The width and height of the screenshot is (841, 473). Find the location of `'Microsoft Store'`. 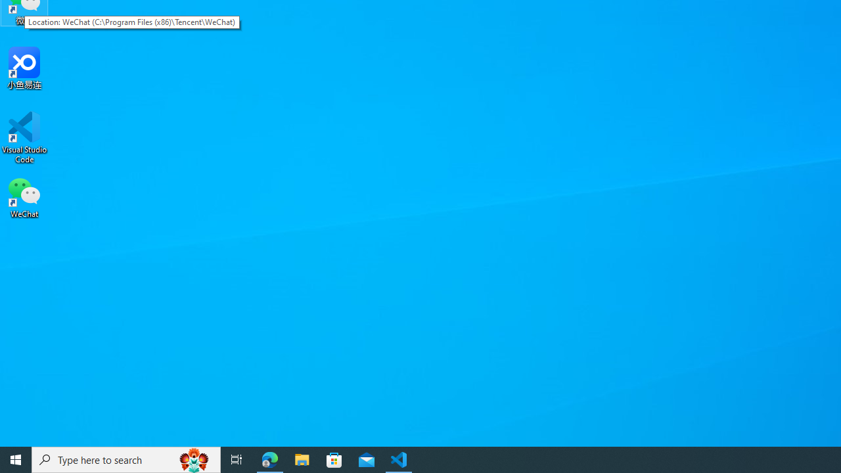

'Microsoft Store' is located at coordinates (334, 459).